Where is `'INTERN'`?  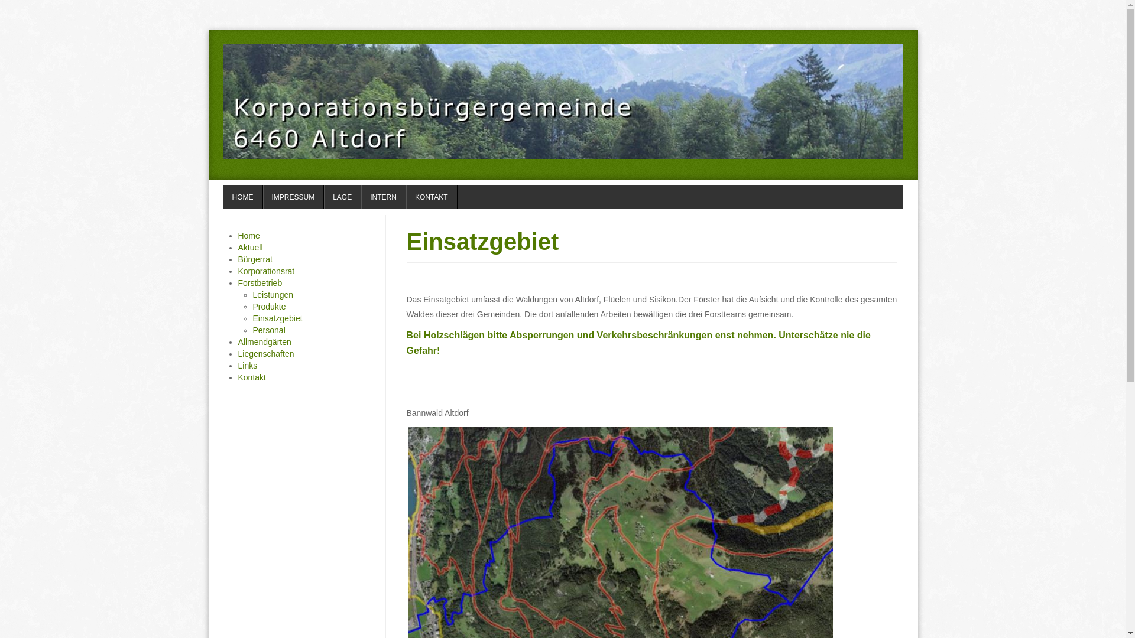 'INTERN' is located at coordinates (383, 197).